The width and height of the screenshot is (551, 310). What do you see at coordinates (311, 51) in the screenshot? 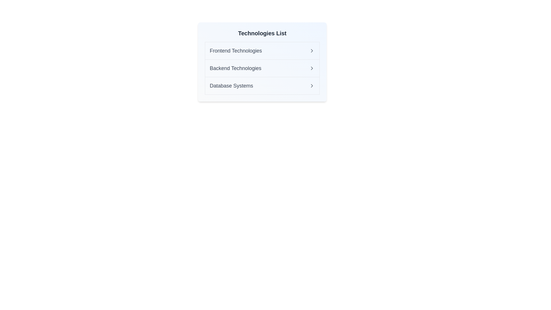
I see `the chevron icon of the item titled 'Frontend Technologies' to toggle its expansion` at bounding box center [311, 51].